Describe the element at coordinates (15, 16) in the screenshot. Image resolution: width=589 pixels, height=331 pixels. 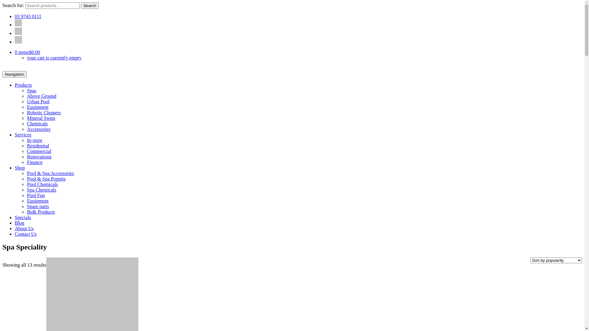
I see `'03 9743 0111'` at that location.